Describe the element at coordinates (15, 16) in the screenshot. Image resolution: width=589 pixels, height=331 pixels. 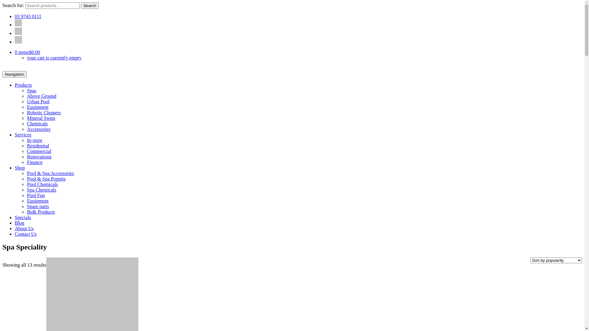
I see `'03 9743 0111'` at that location.